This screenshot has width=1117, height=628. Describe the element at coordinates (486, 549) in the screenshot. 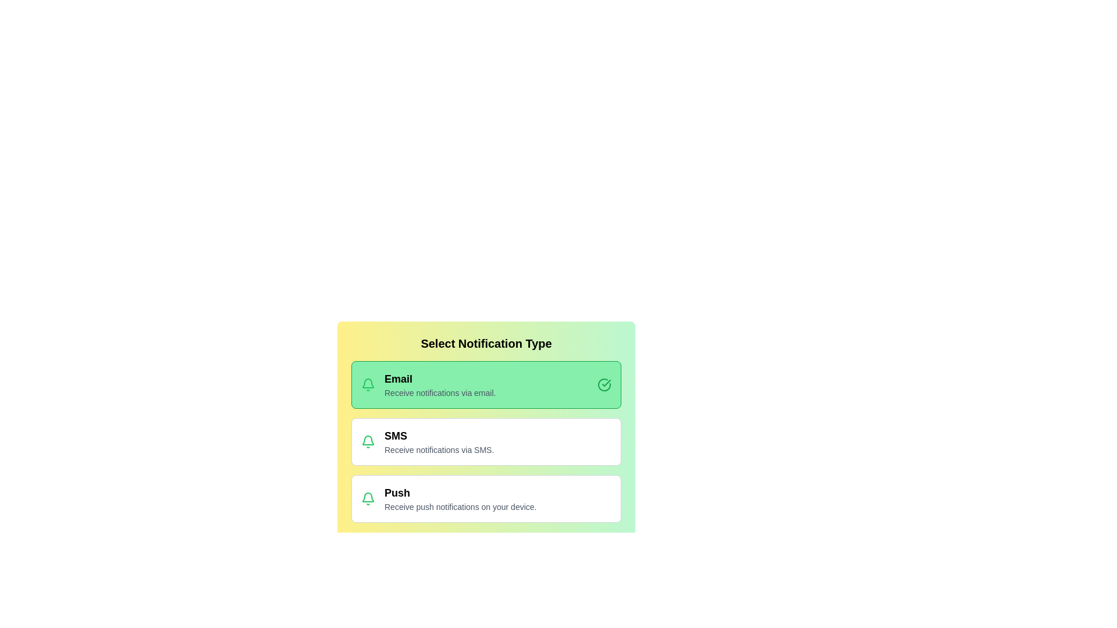

I see `the rectangular 'Save Selection' button with a green background` at that location.